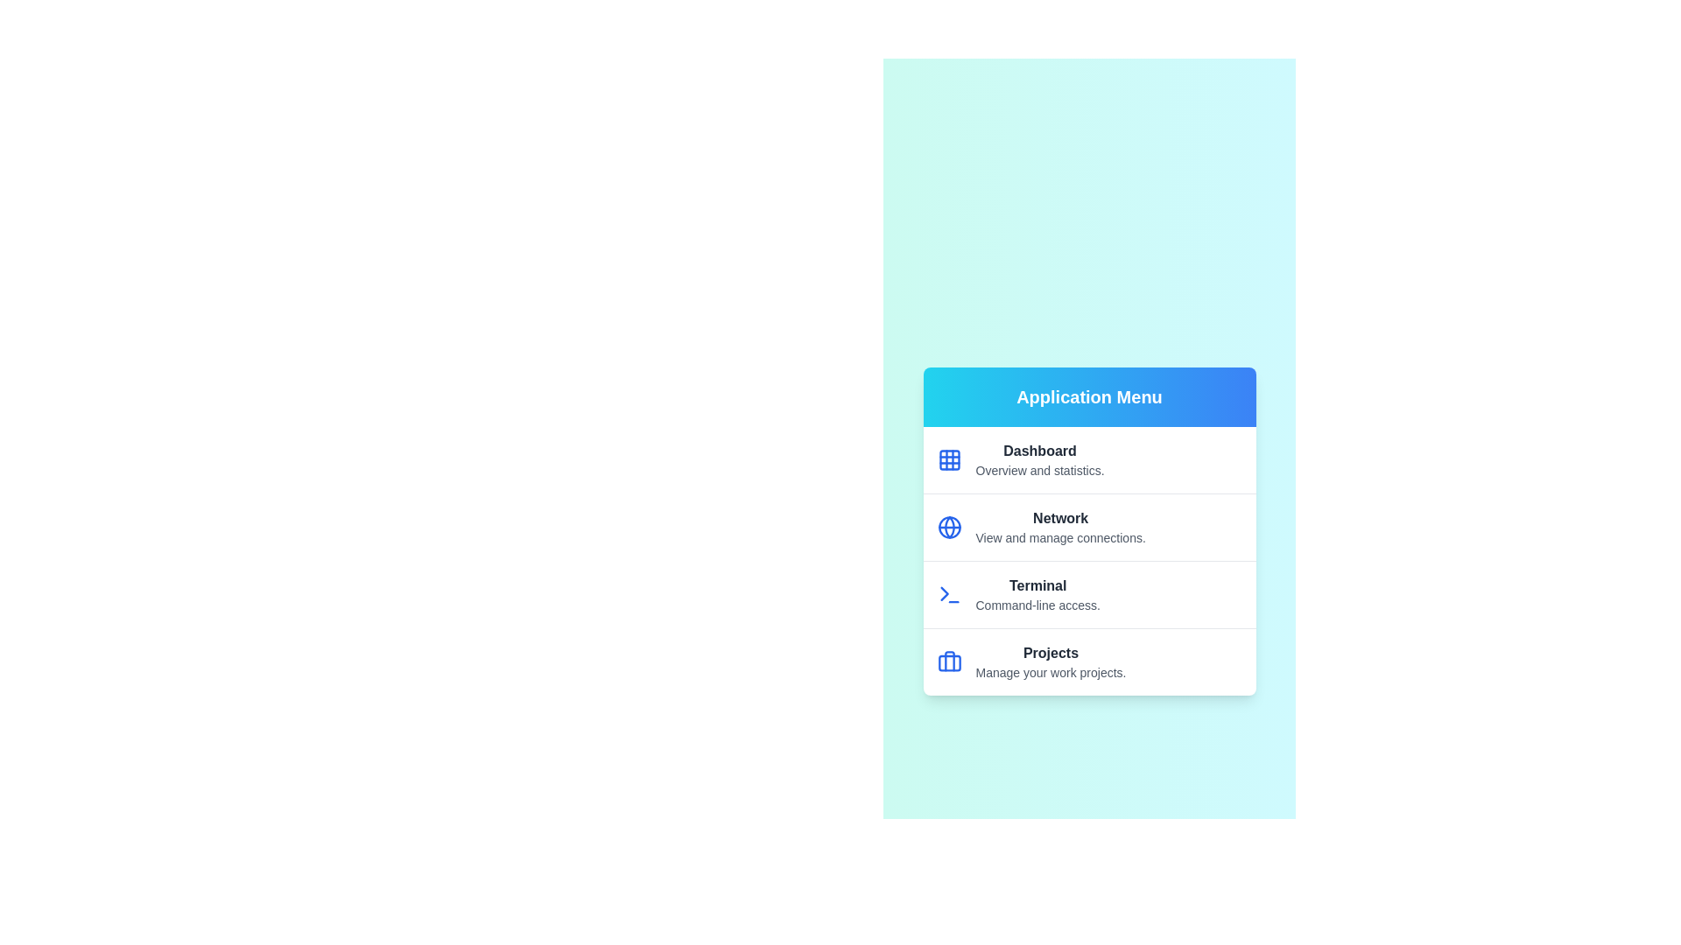 This screenshot has height=945, width=1681. Describe the element at coordinates (1088, 525) in the screenshot. I see `the menu item labeled Network to view its hover state` at that location.